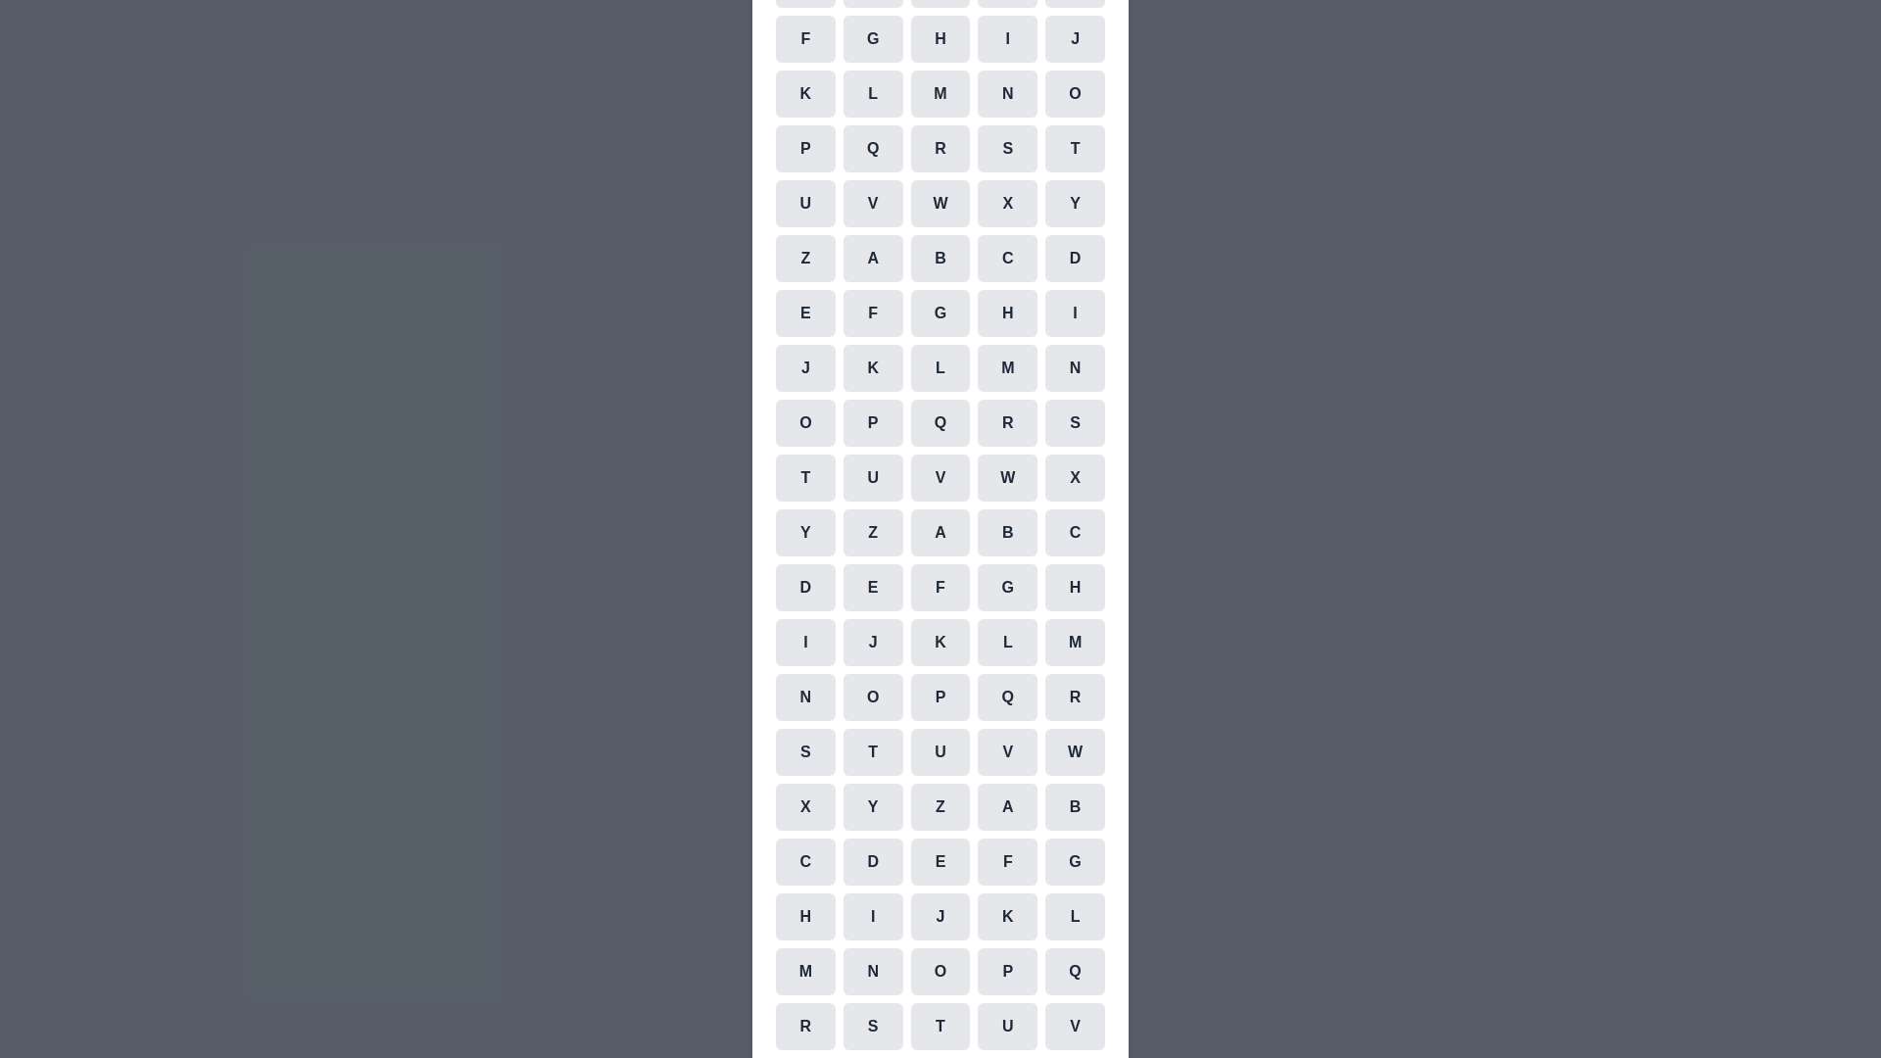 The width and height of the screenshot is (1881, 1058). Describe the element at coordinates (940, 147) in the screenshot. I see `the cell representing the character R` at that location.